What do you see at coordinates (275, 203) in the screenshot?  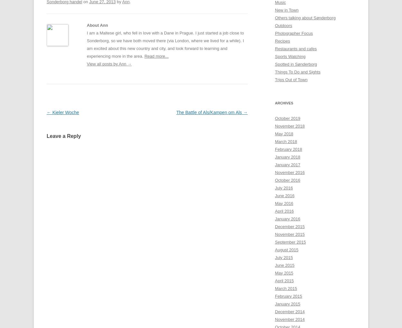 I see `'May 2016'` at bounding box center [275, 203].